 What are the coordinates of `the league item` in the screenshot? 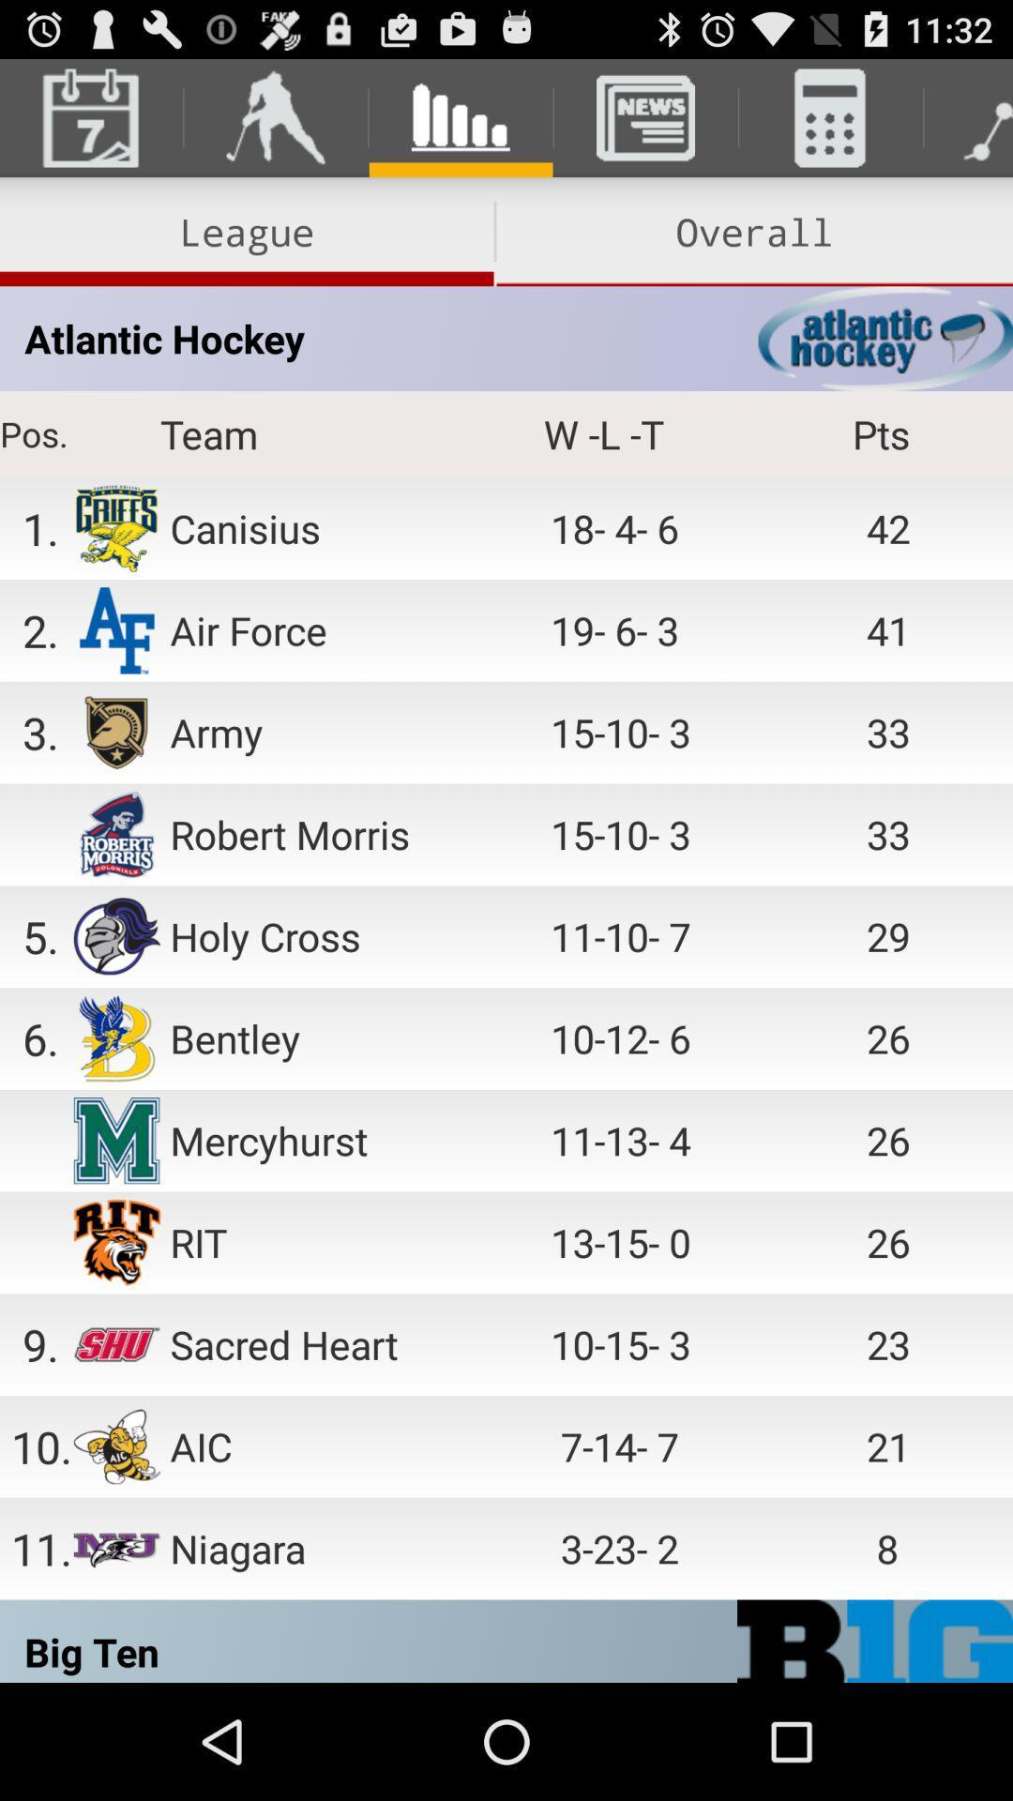 It's located at (246, 231).